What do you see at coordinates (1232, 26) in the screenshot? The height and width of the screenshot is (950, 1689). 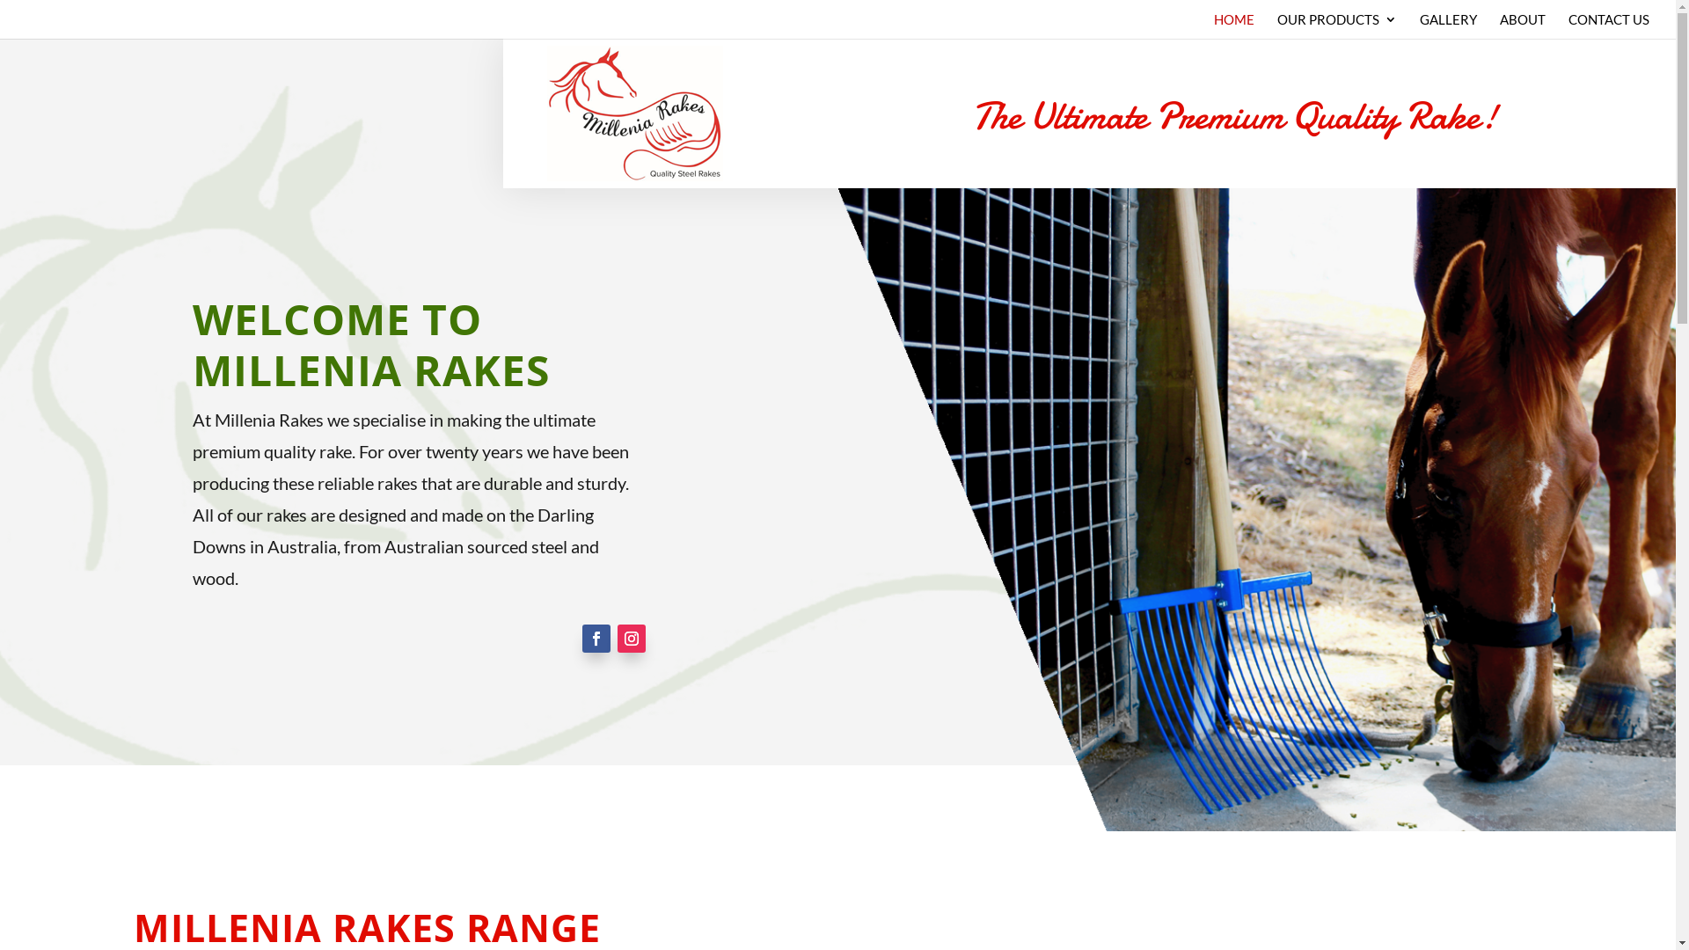 I see `'HOME'` at bounding box center [1232, 26].